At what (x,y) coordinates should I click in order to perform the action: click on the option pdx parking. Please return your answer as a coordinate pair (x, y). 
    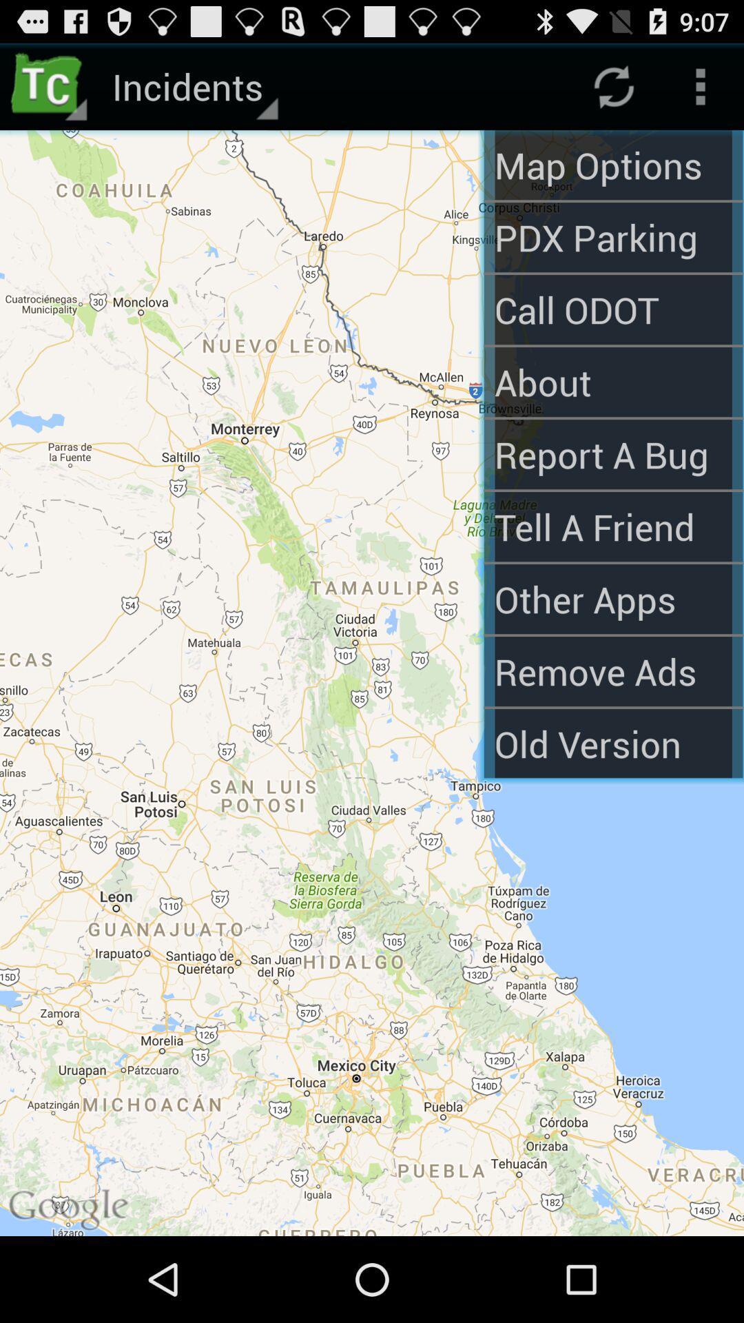
    Looking at the image, I should click on (612, 237).